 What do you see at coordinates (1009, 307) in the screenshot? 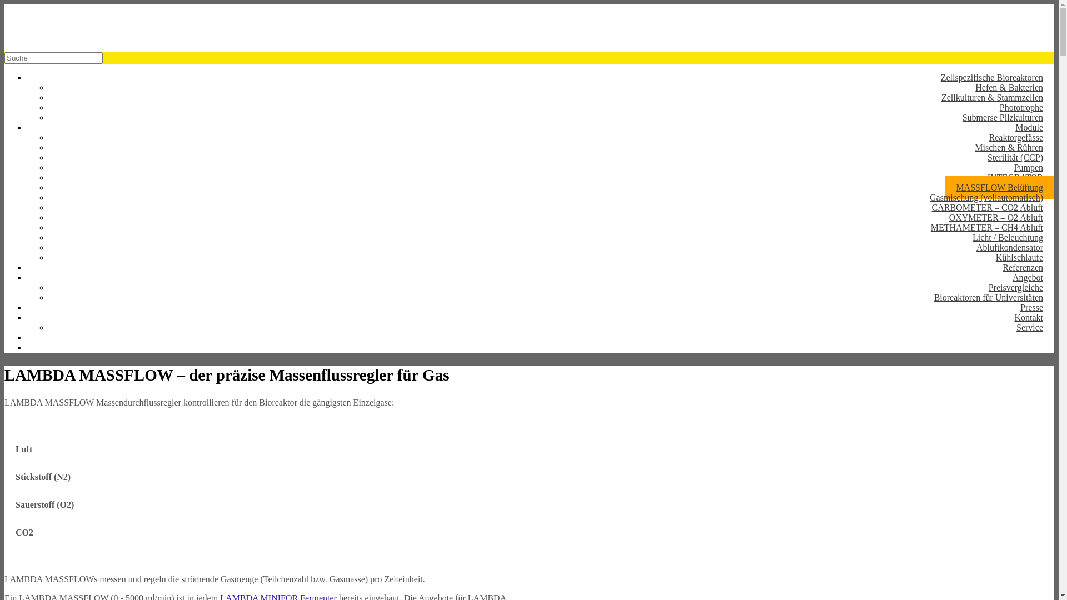
I see `'Presse'` at bounding box center [1009, 307].